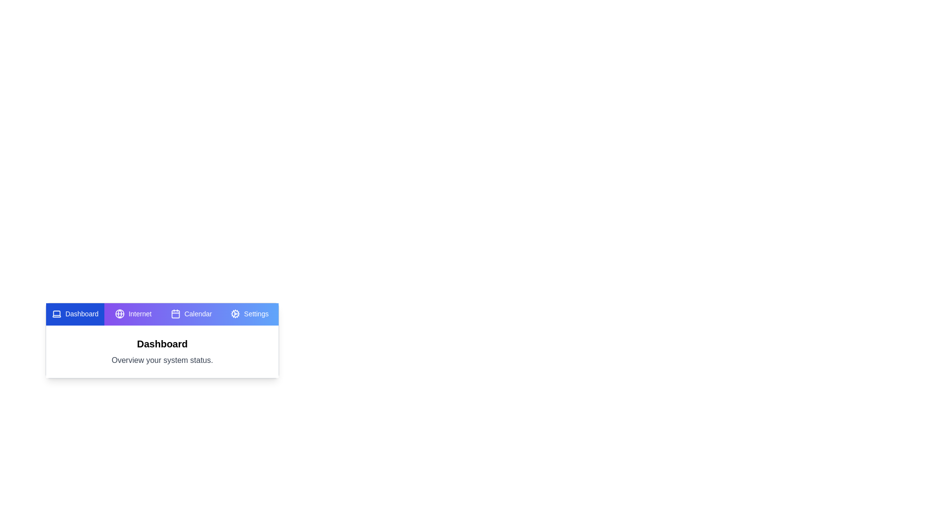 The width and height of the screenshot is (932, 524). I want to click on the Dashboard tab to observe its hover effect, so click(74, 314).